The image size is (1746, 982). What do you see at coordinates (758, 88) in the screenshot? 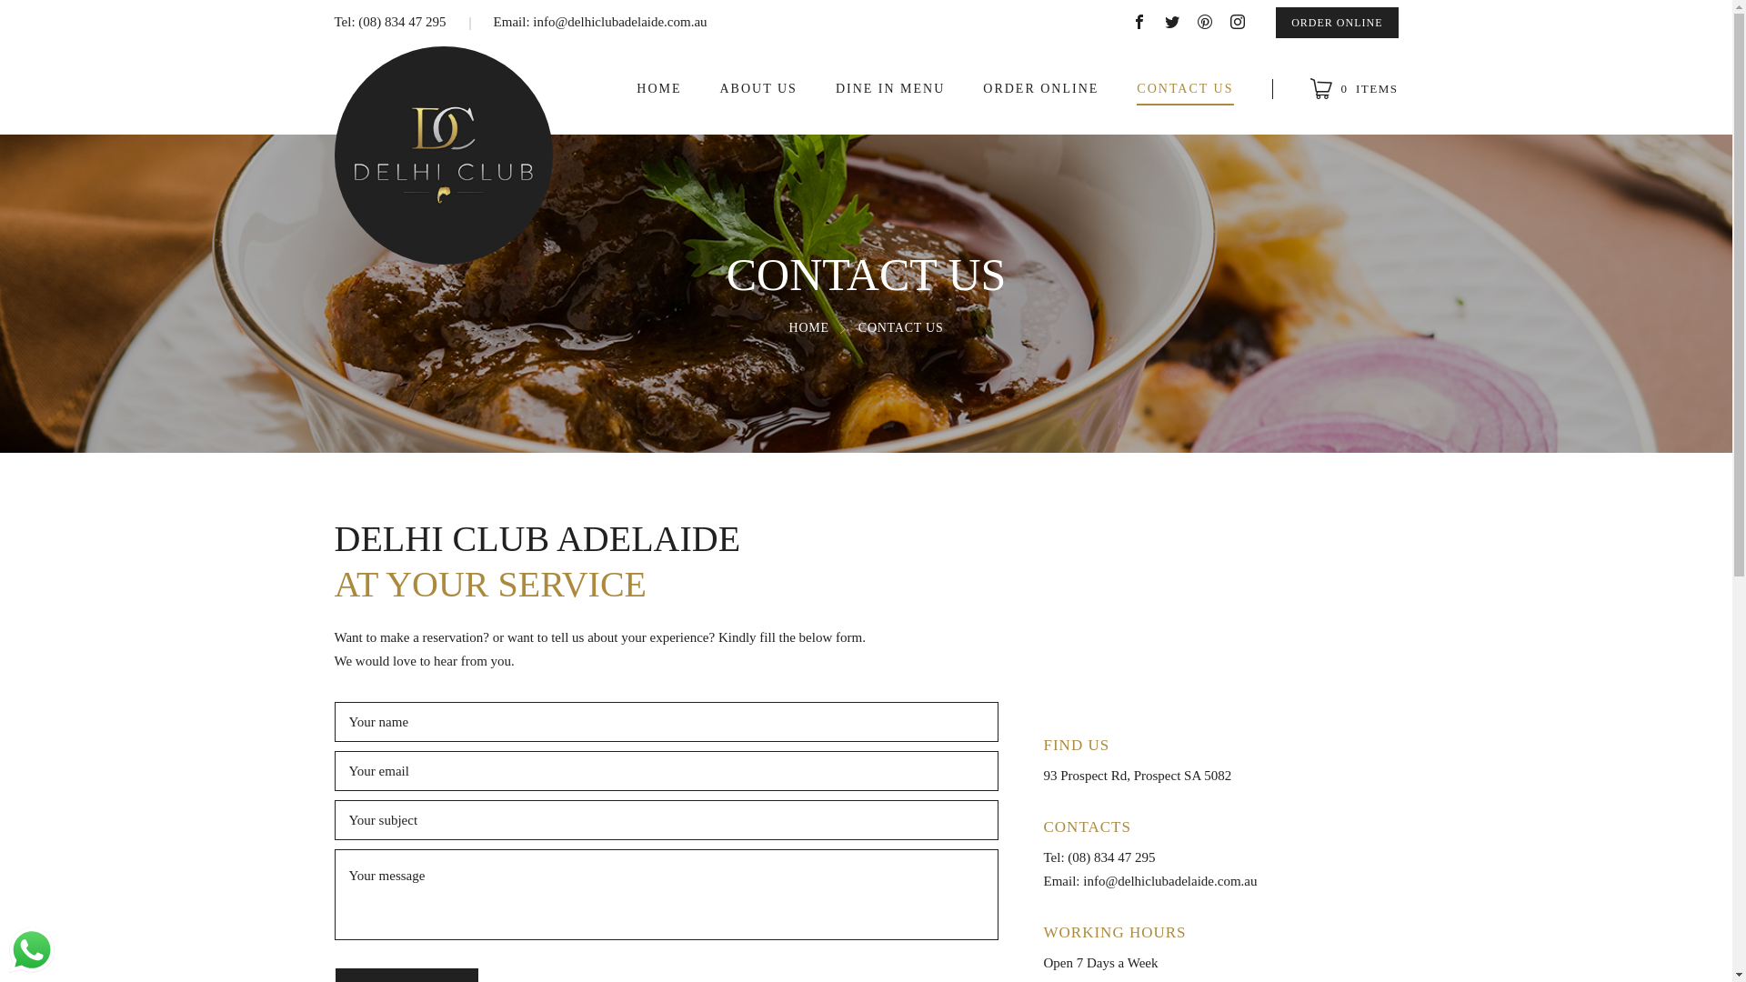
I see `'ABOUT US'` at bounding box center [758, 88].